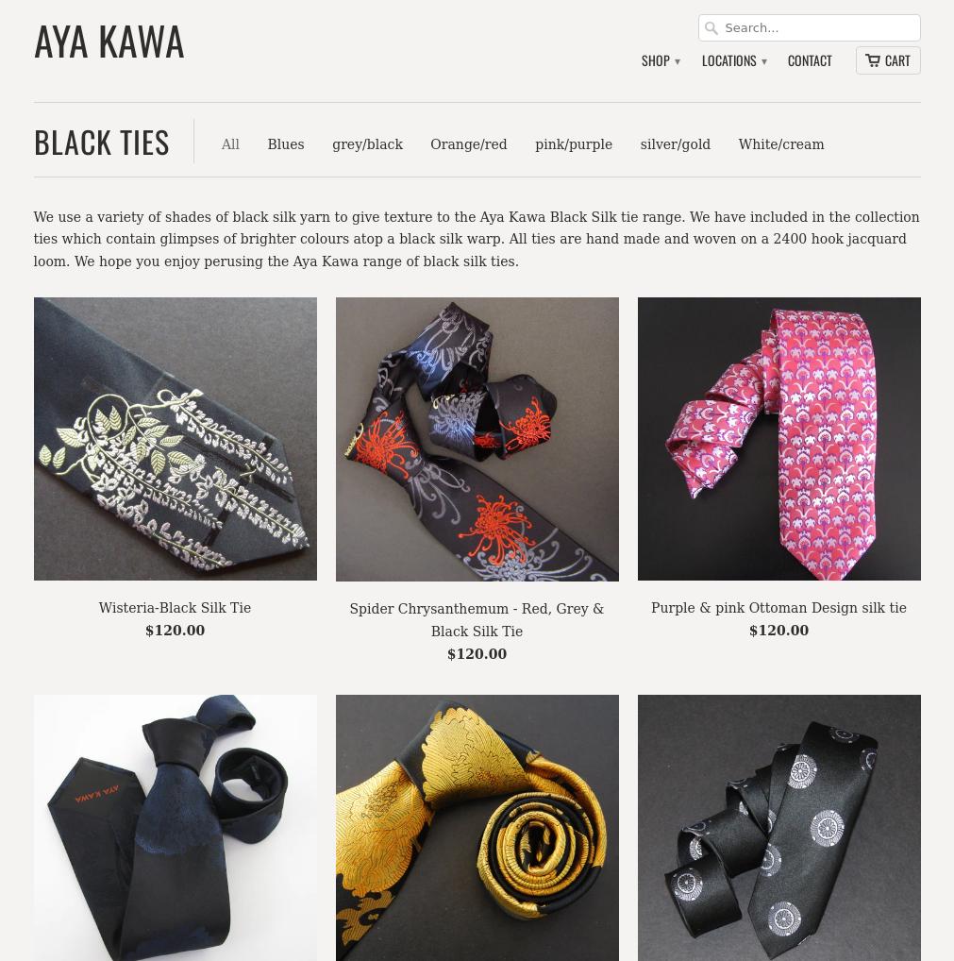 The height and width of the screenshot is (961, 954). I want to click on 'Aya Kawa', so click(107, 39).